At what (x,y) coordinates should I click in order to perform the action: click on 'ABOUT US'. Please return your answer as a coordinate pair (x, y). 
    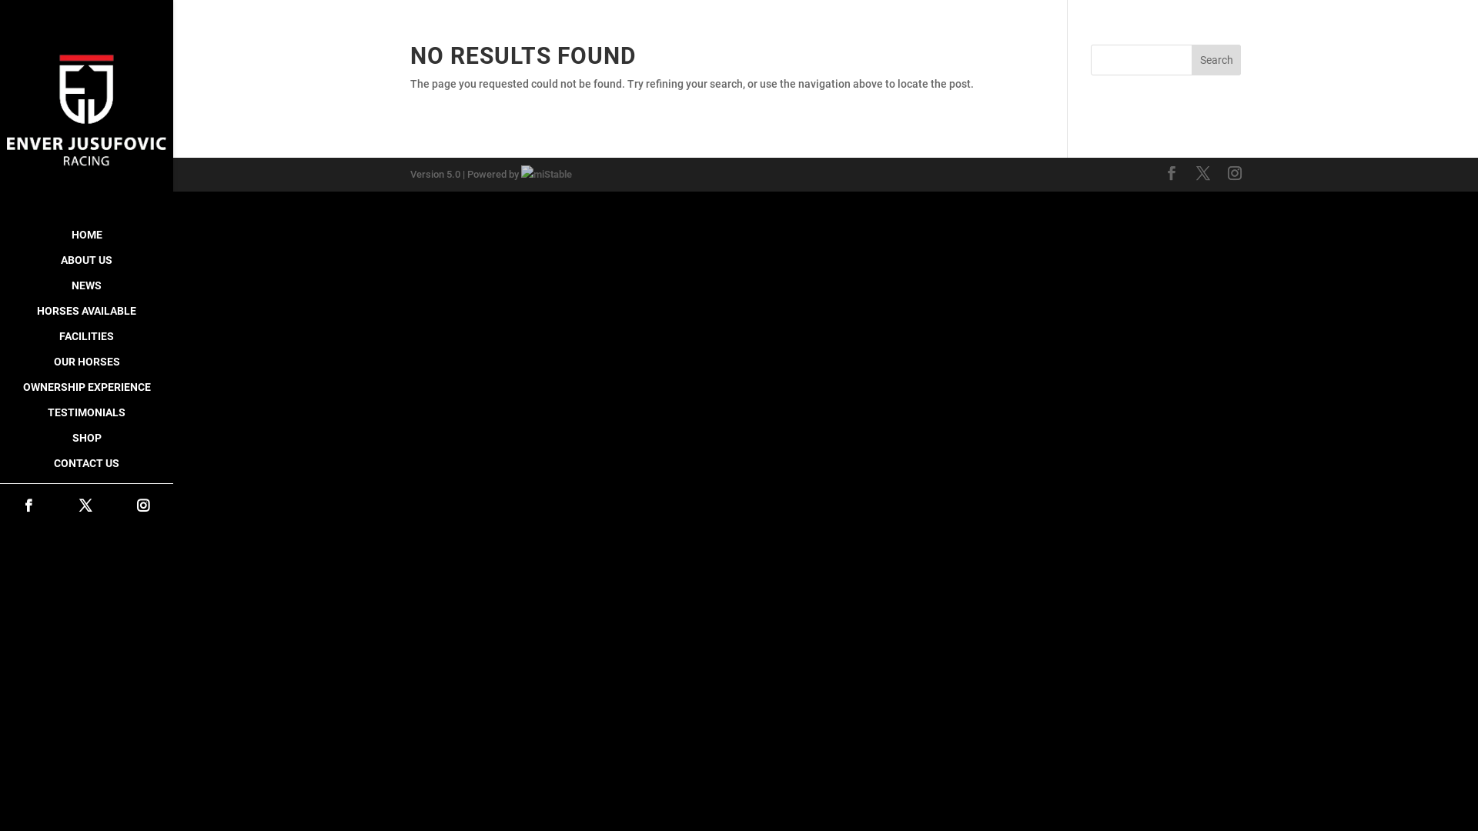
    Looking at the image, I should click on (85, 266).